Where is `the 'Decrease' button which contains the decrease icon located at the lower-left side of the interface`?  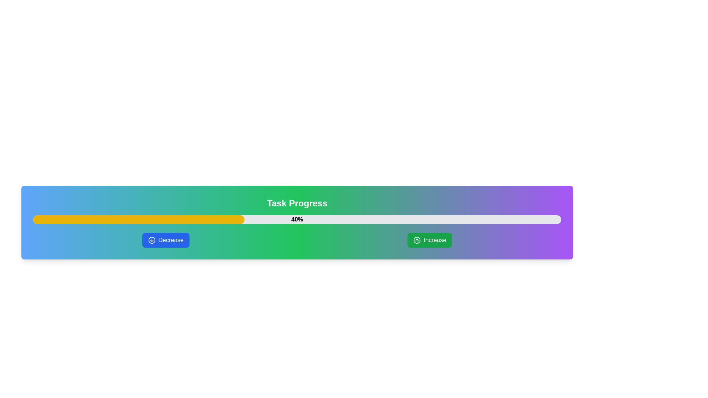 the 'Decrease' button which contains the decrease icon located at the lower-left side of the interface is located at coordinates (151, 240).